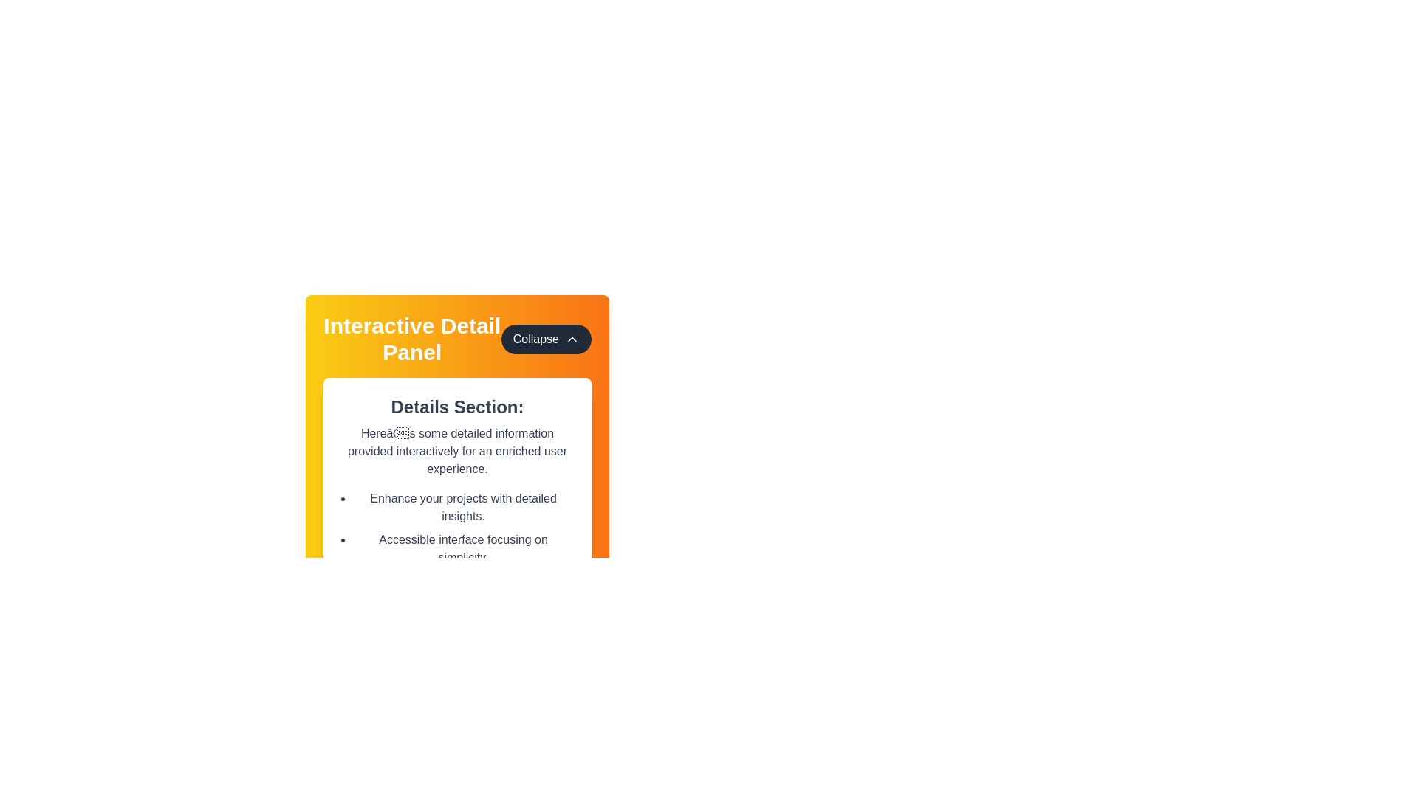 The image size is (1418, 797). Describe the element at coordinates (545, 339) in the screenshot. I see `the 'Collapse' button with an upward arrow icon, located at the top-right corner of the 'Interactive Detail Panel'` at that location.